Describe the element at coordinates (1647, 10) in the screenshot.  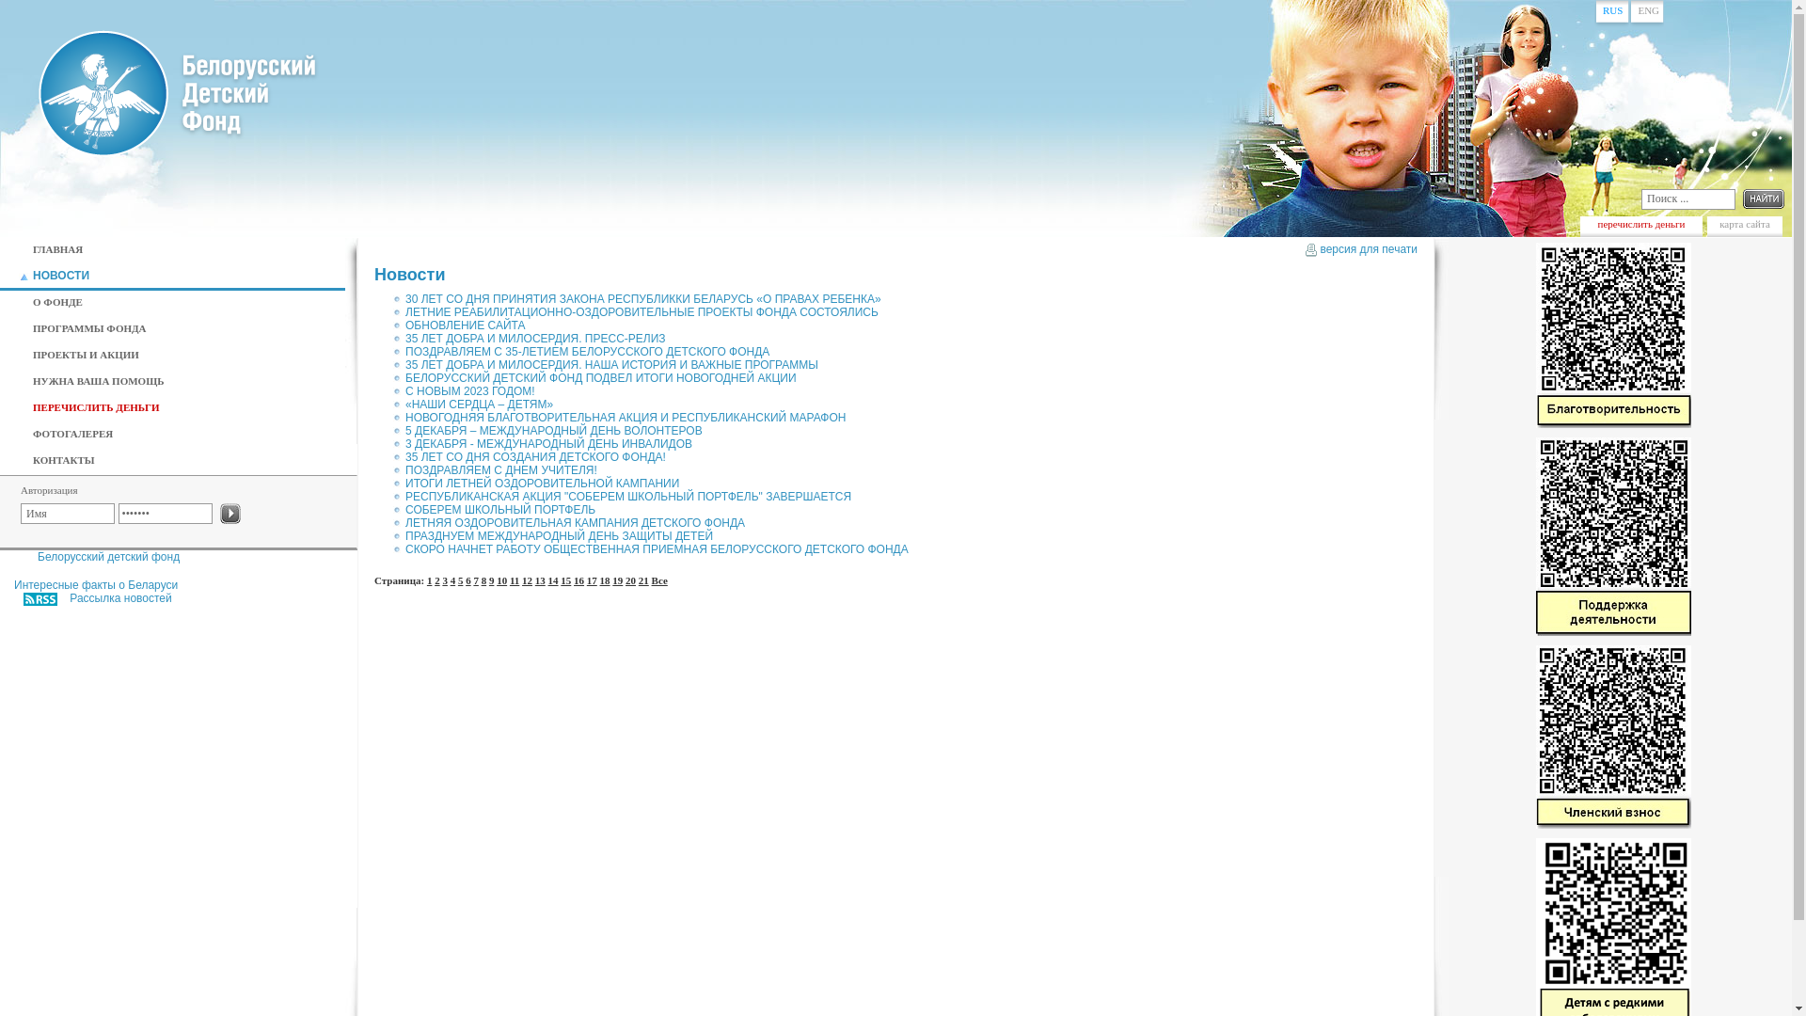
I see `'ENG'` at that location.